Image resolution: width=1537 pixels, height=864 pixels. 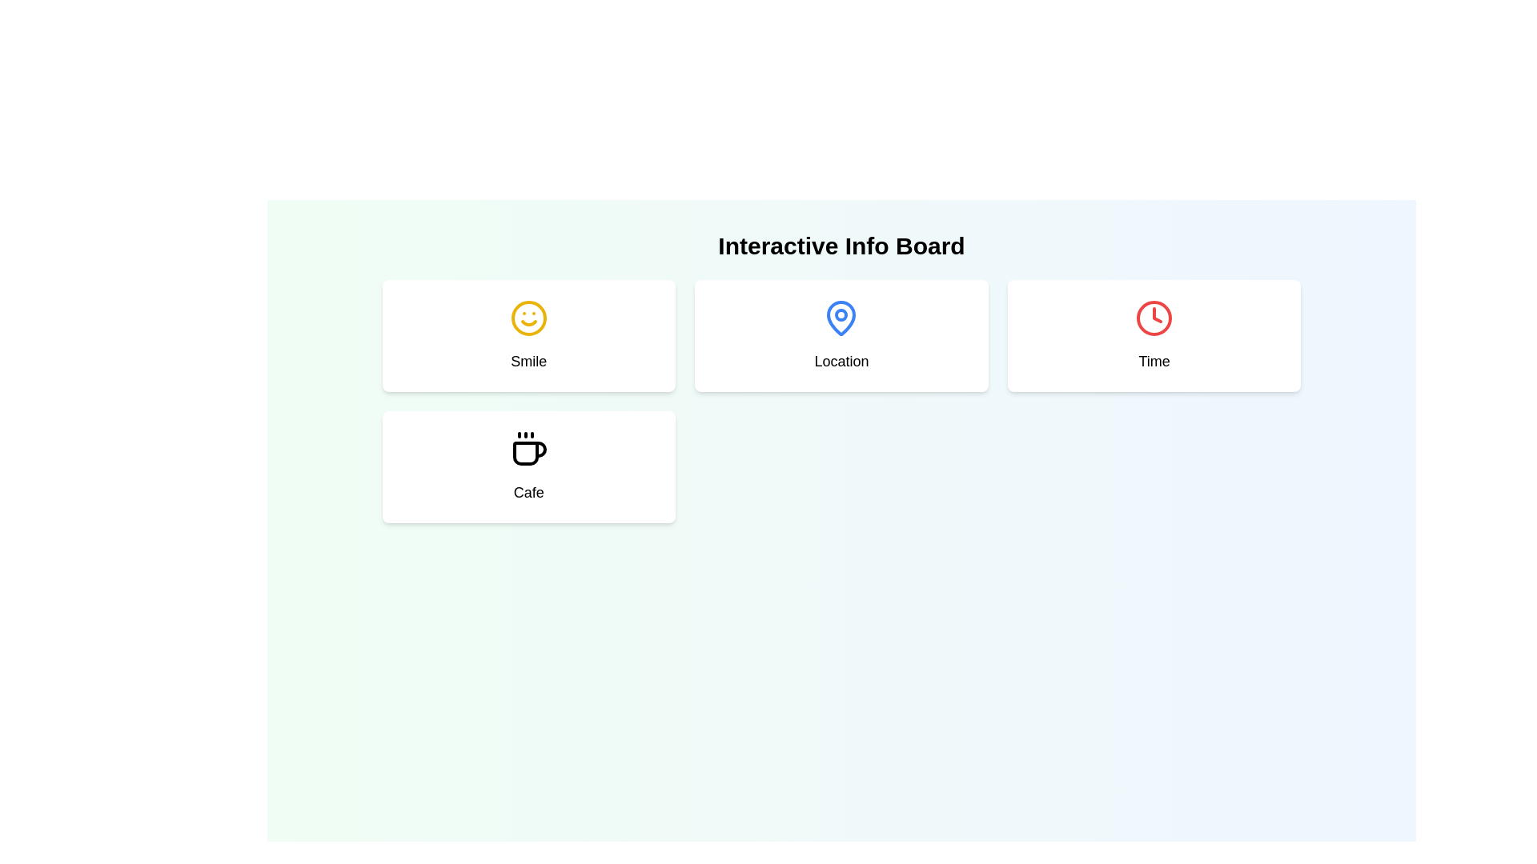 What do you see at coordinates (841, 361) in the screenshot?
I see `the descriptive text label located in the central card of the grid, which provides information about the card's content or purpose related to location` at bounding box center [841, 361].